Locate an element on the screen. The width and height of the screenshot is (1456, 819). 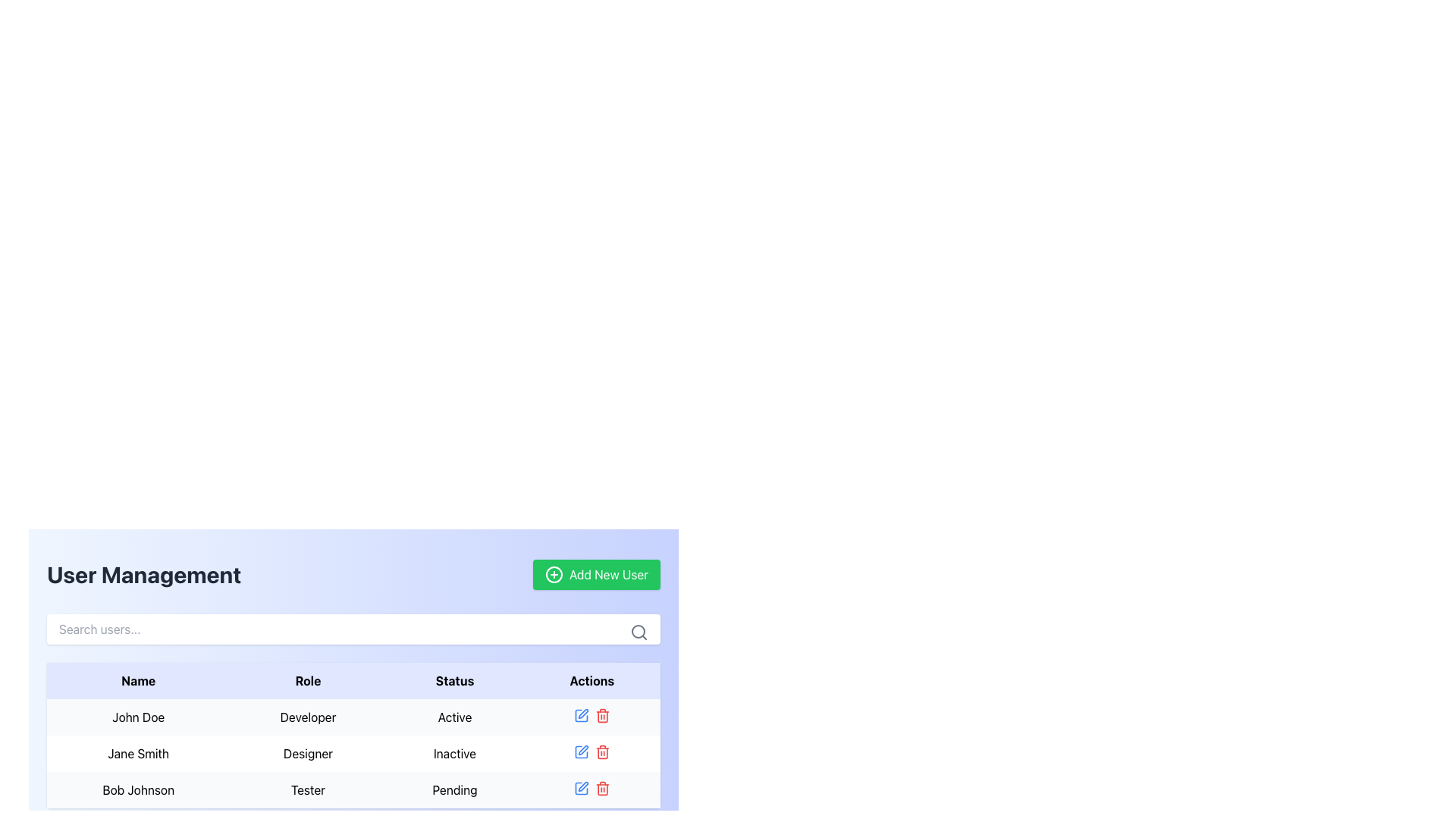
the red 'Delete' icon in the third row of the user management table containing 'Bob Johnson', 'Tester', and 'Pending' is located at coordinates (353, 789).